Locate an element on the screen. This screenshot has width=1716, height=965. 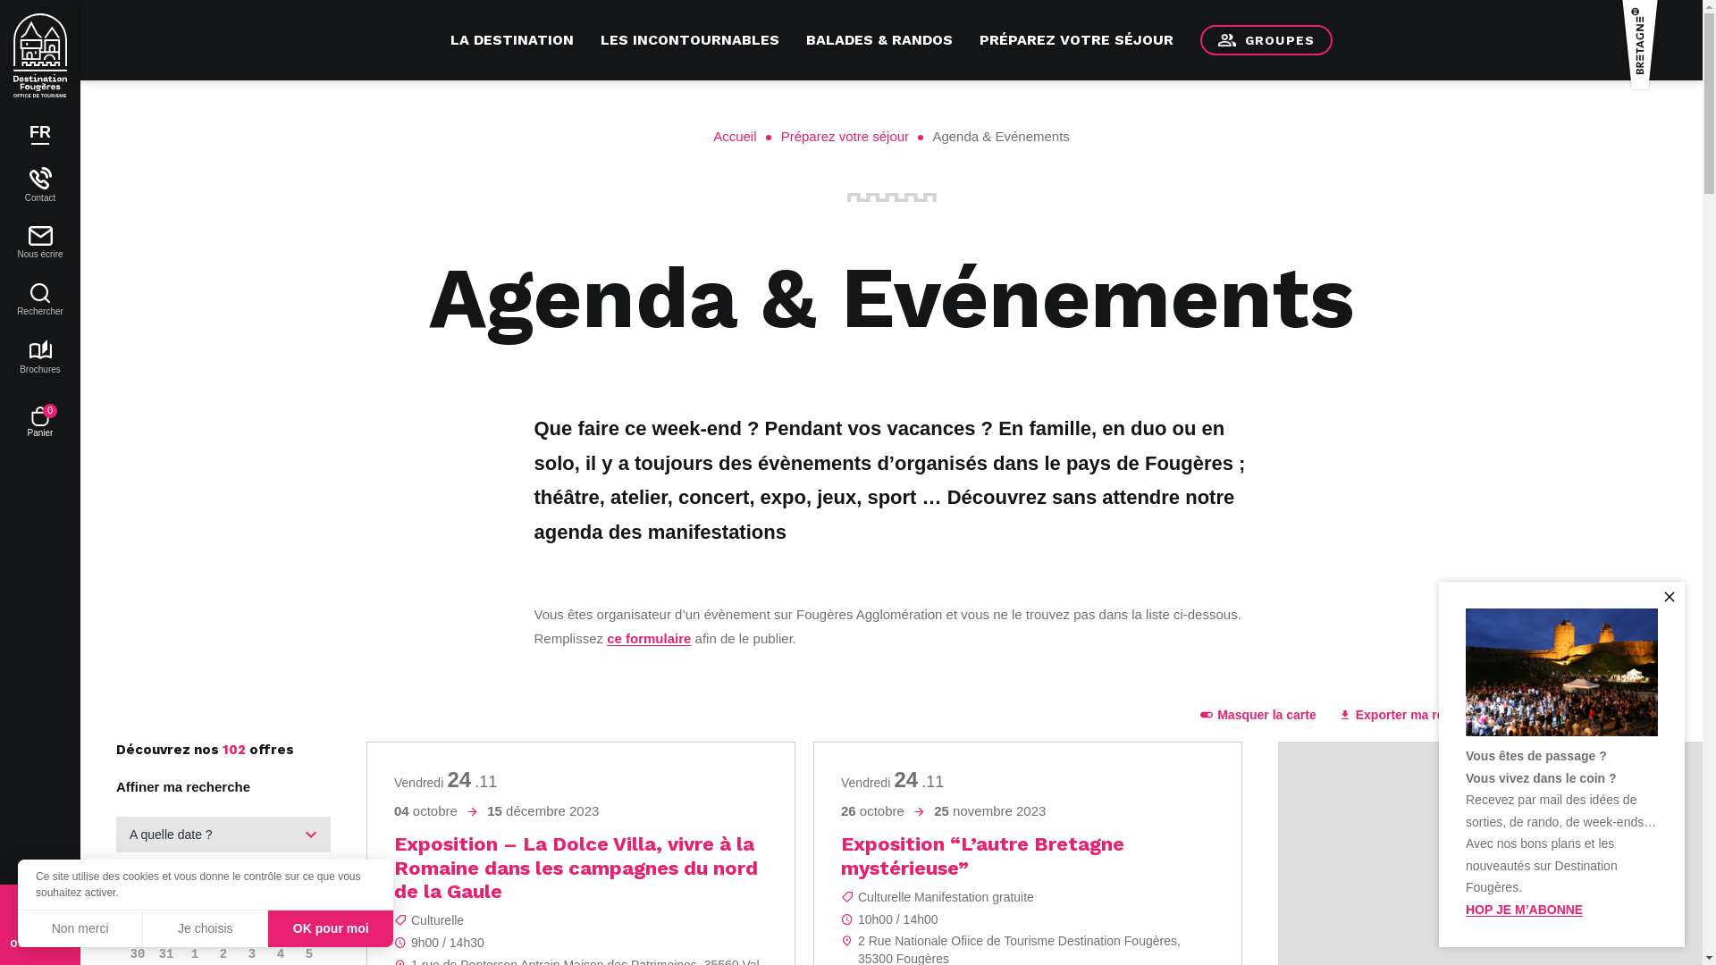
'LA DESTINATION' is located at coordinates (510, 40).